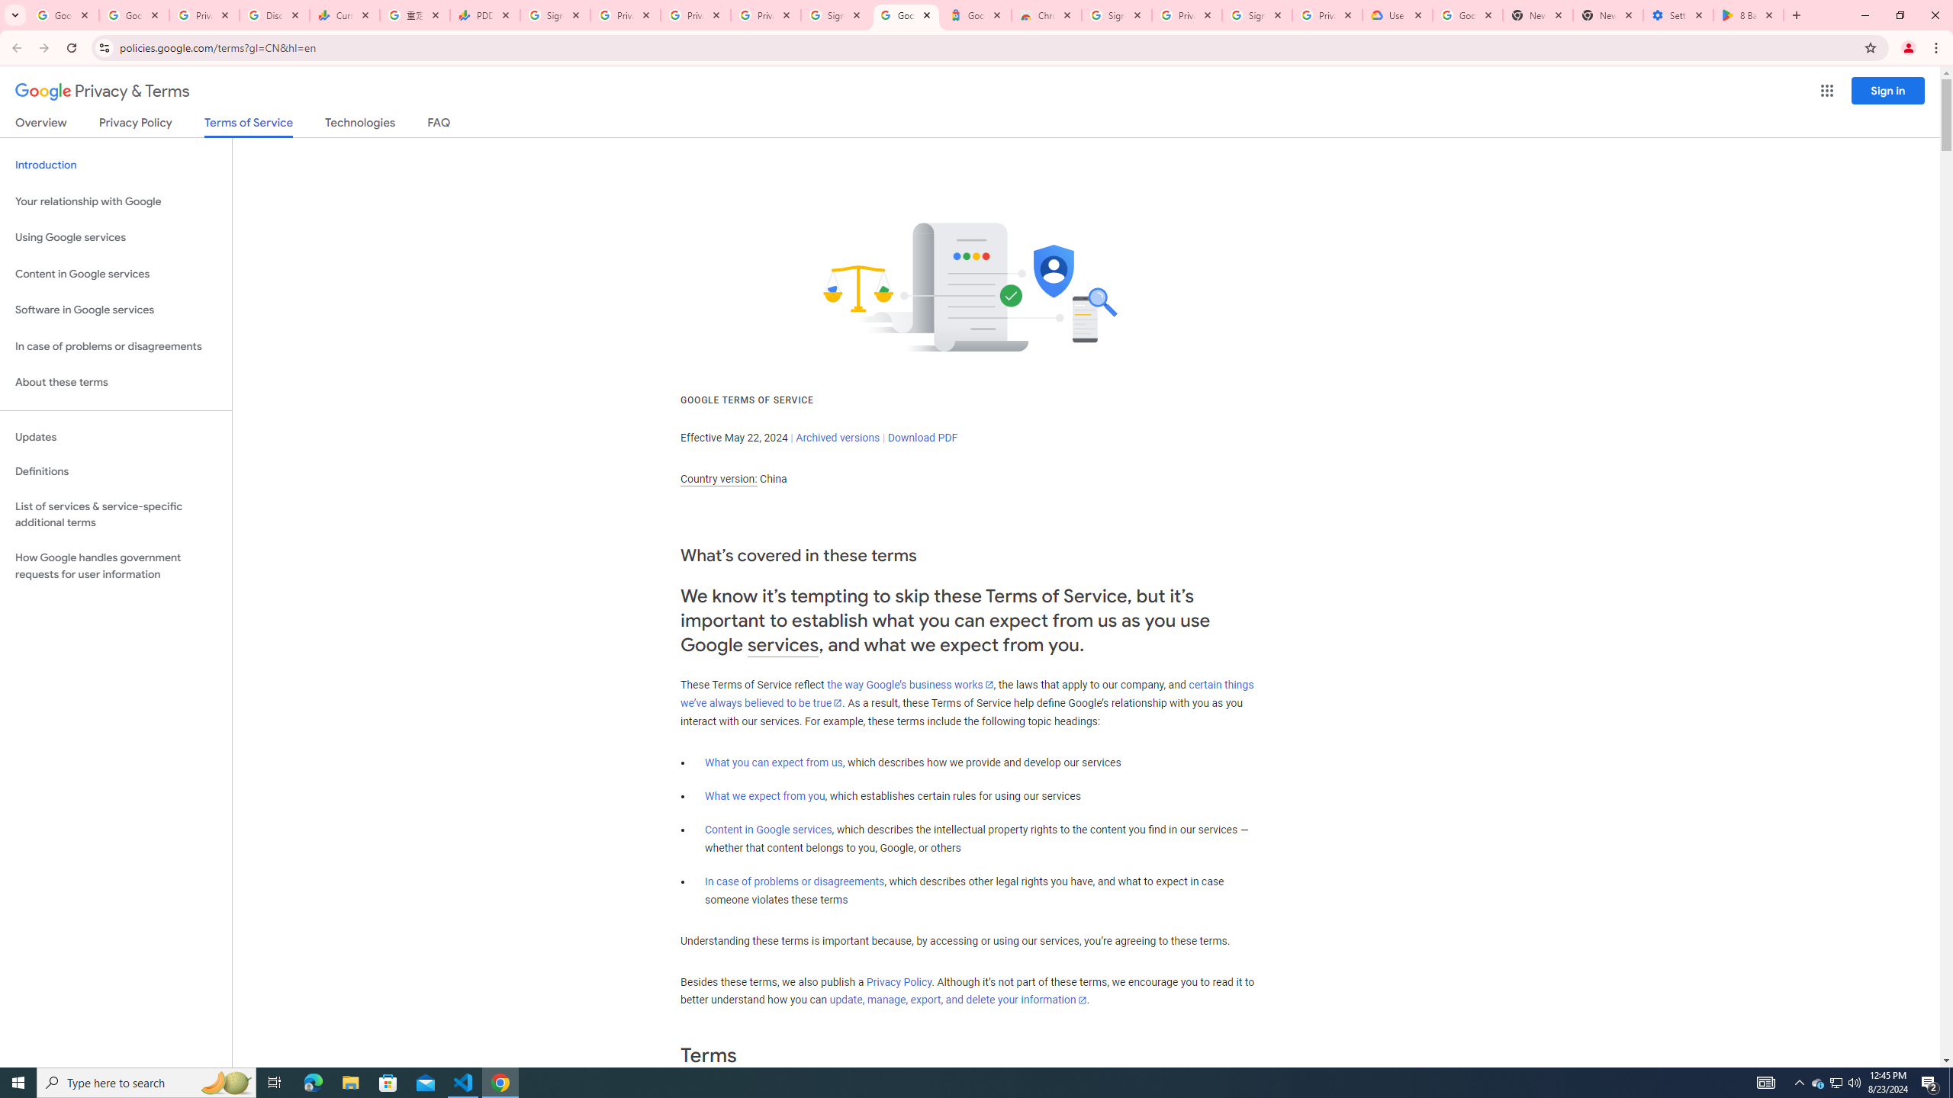 The width and height of the screenshot is (1953, 1098). Describe the element at coordinates (63, 14) in the screenshot. I see `'Google Workspace Admin Community'` at that location.